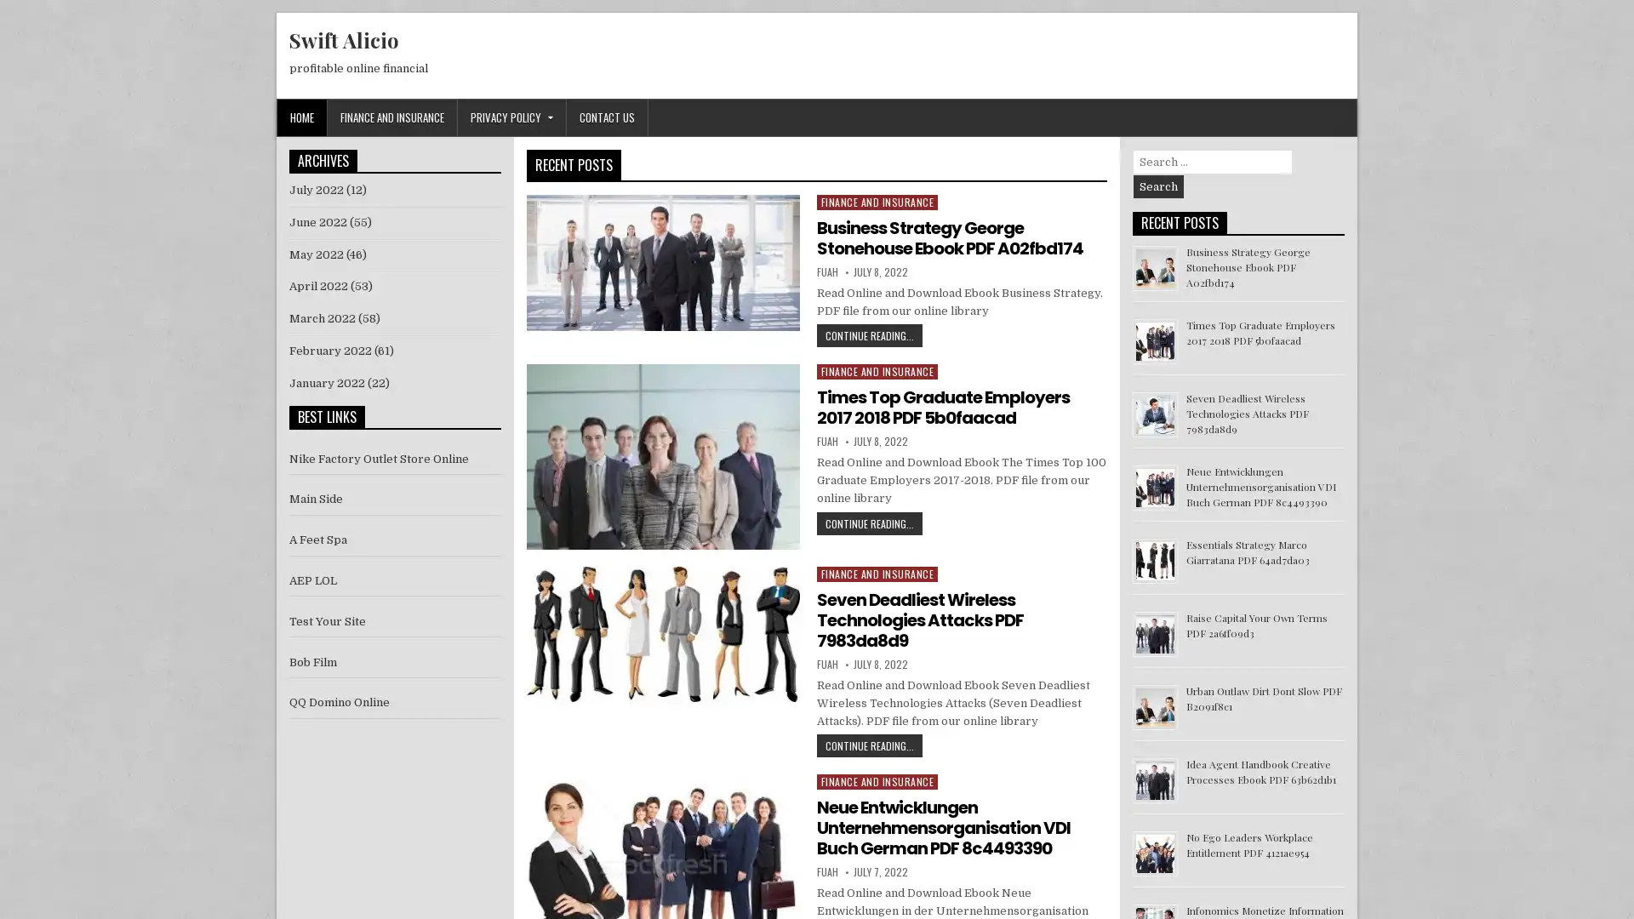 The image size is (1634, 919). Describe the element at coordinates (1157, 186) in the screenshot. I see `Search` at that location.